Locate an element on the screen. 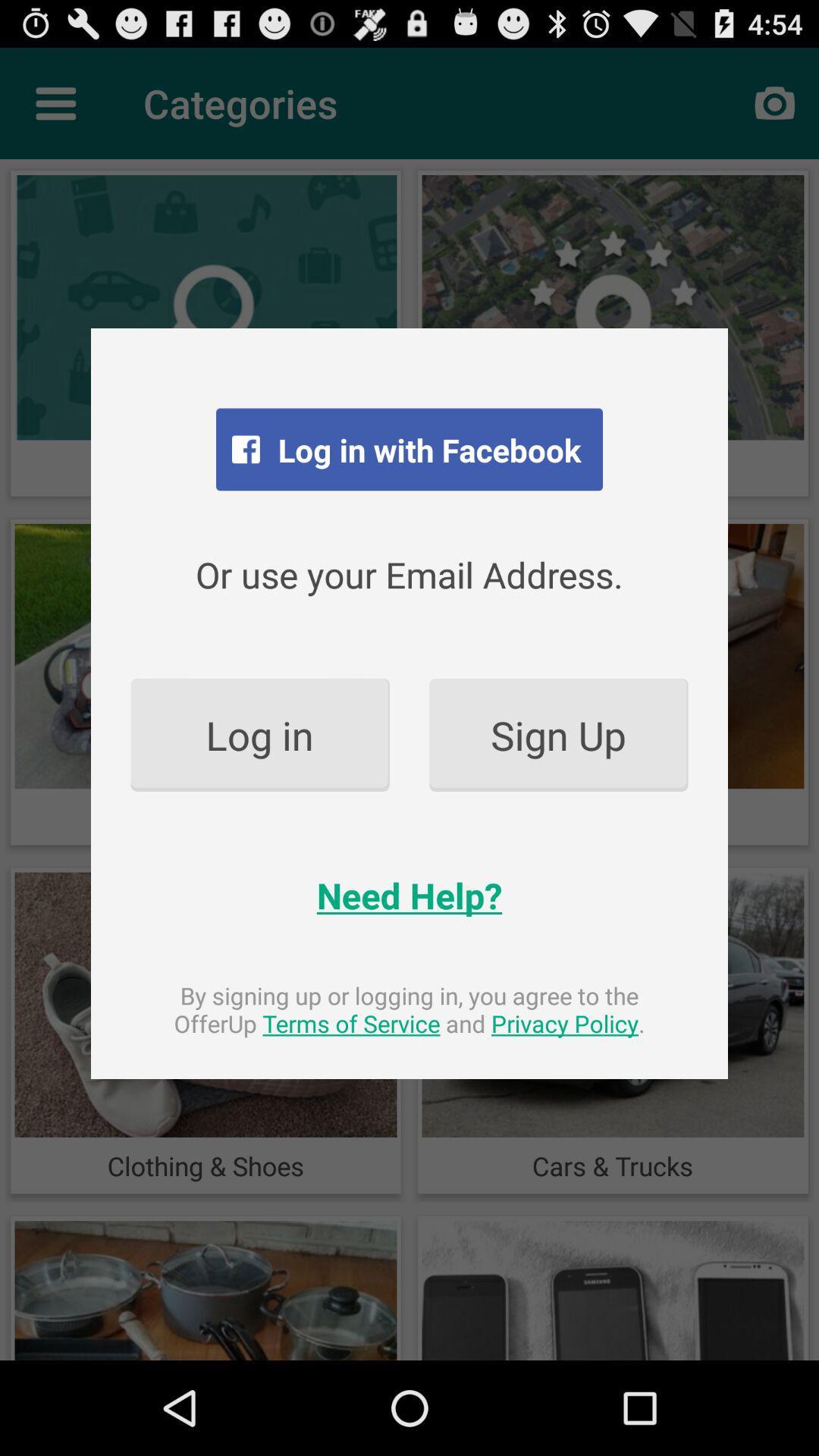 The height and width of the screenshot is (1456, 819). the sign up on the right is located at coordinates (558, 735).